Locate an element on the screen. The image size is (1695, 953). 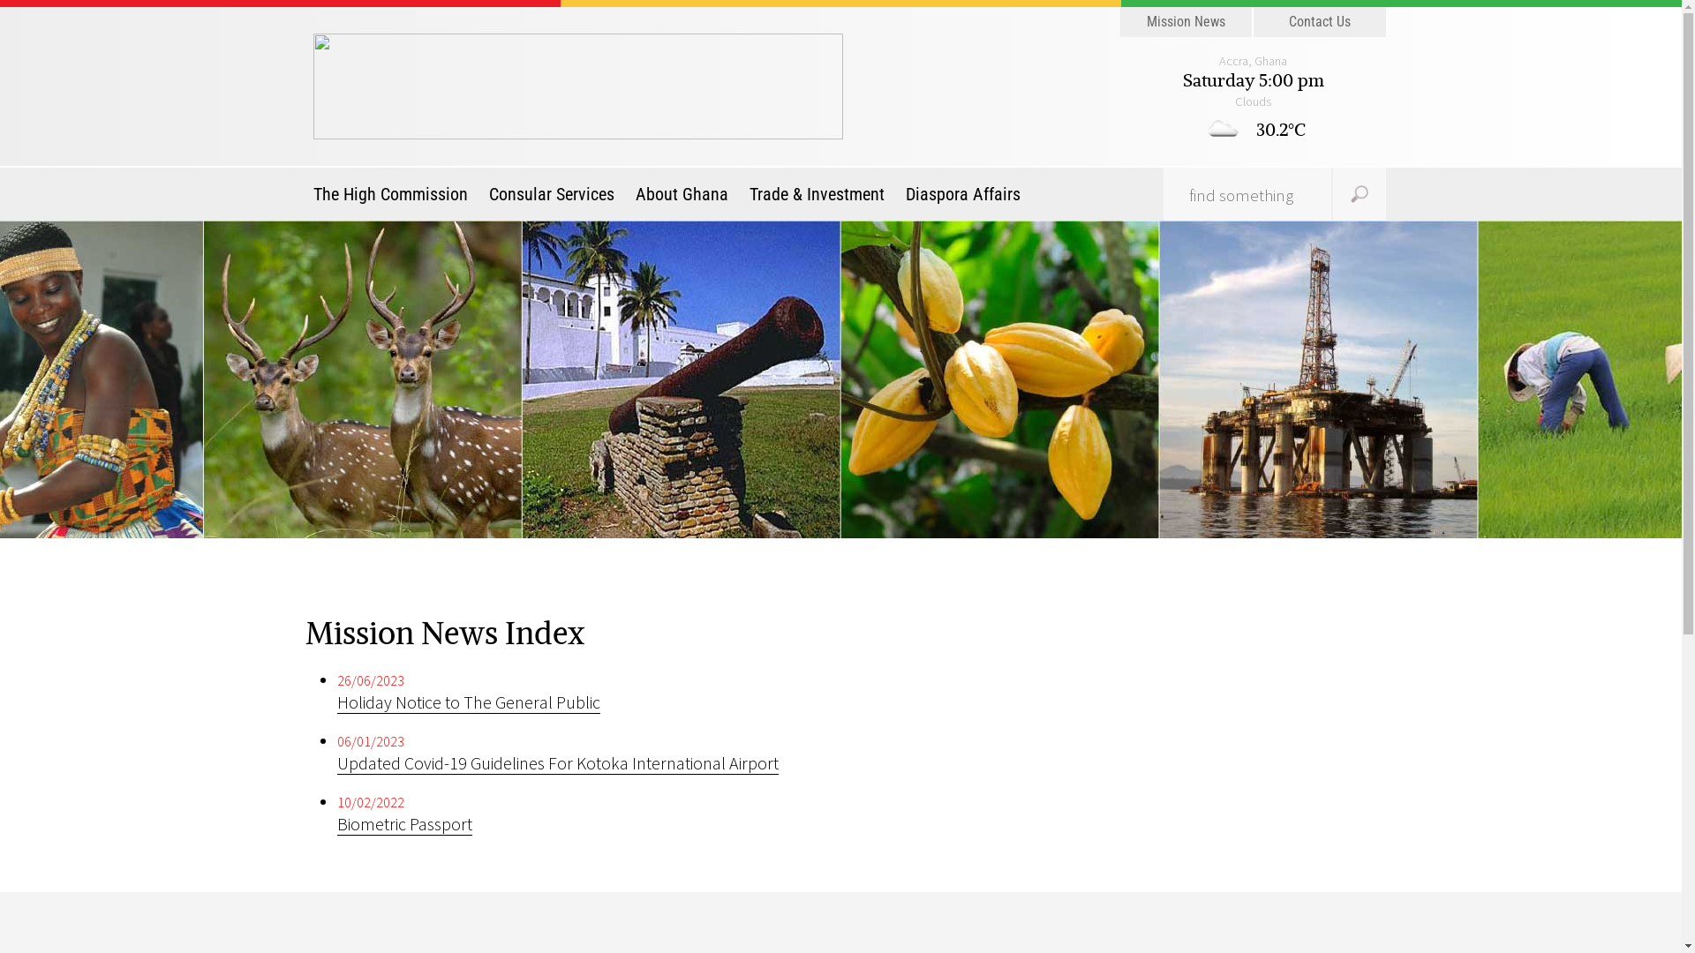
'Biometric Passport' is located at coordinates (403, 823).